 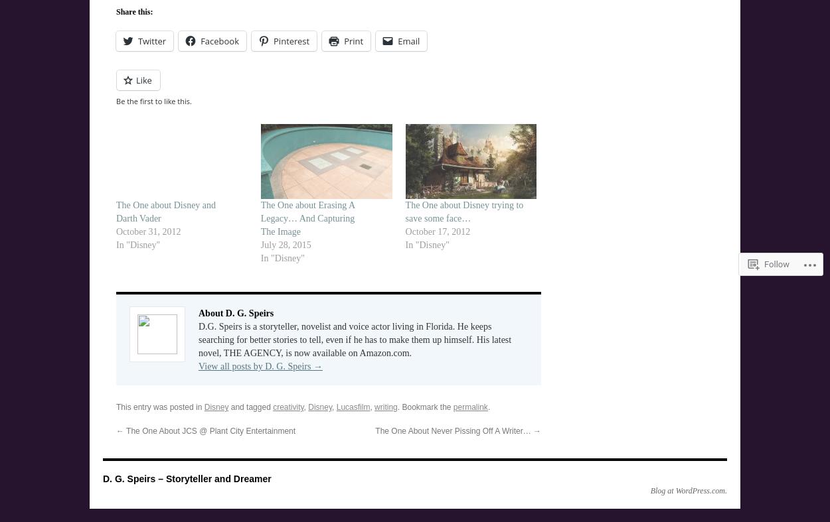 I want to click on 'Print', so click(x=353, y=40).